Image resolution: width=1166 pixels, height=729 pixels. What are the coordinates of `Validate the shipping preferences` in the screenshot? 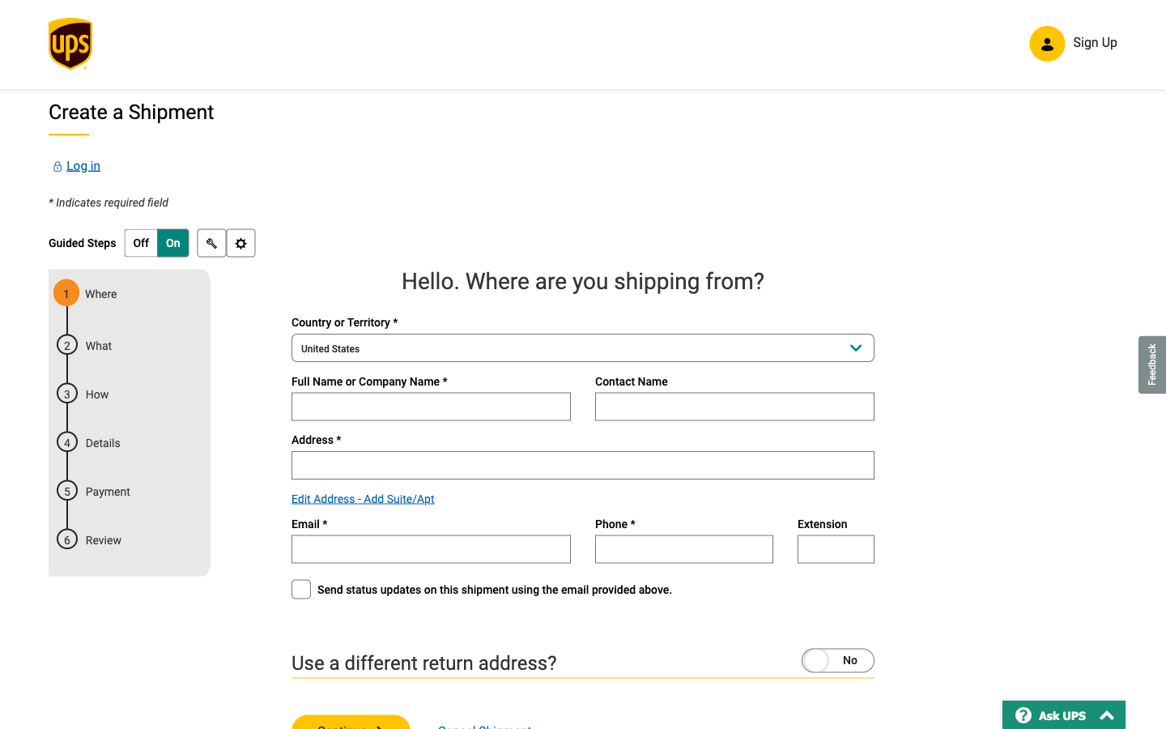 It's located at (239, 244).